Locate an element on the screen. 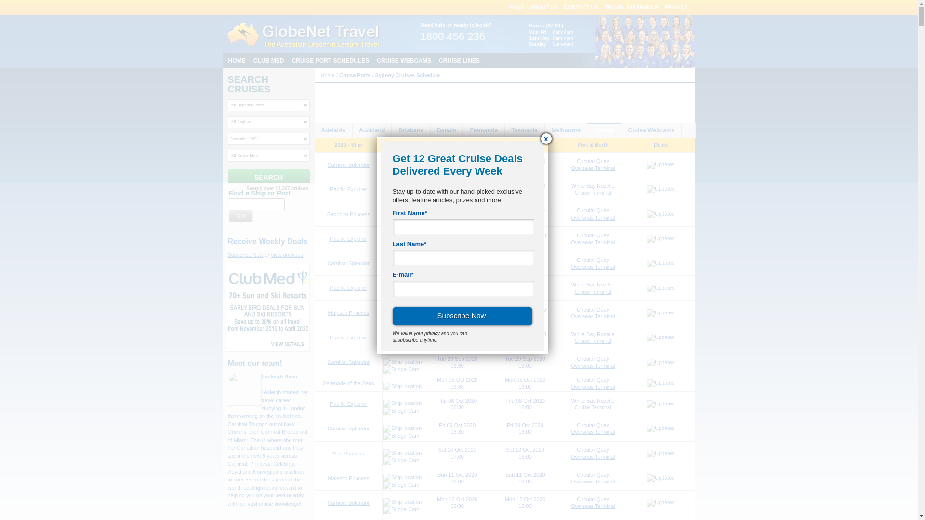  'Cruise Terminal' is located at coordinates (575, 291).